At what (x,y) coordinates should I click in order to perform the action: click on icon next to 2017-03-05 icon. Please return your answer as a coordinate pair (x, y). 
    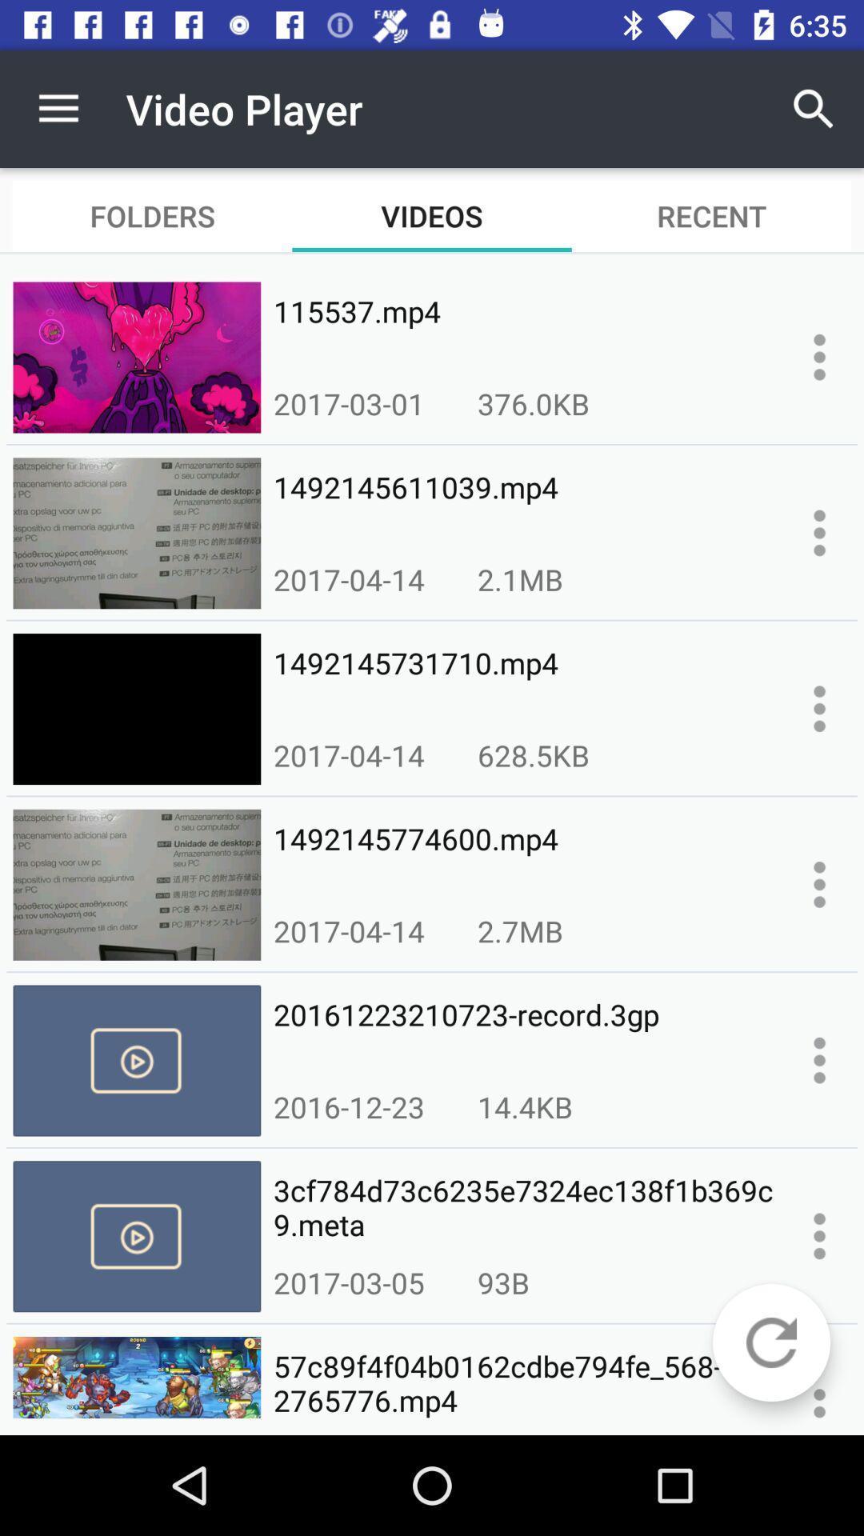
    Looking at the image, I should click on (502, 1282).